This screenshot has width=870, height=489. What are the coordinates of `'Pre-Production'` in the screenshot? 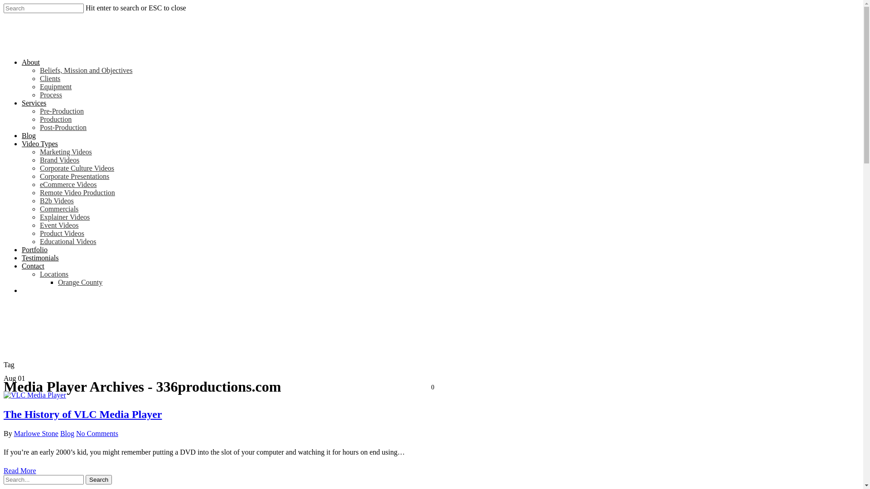 It's located at (61, 110).